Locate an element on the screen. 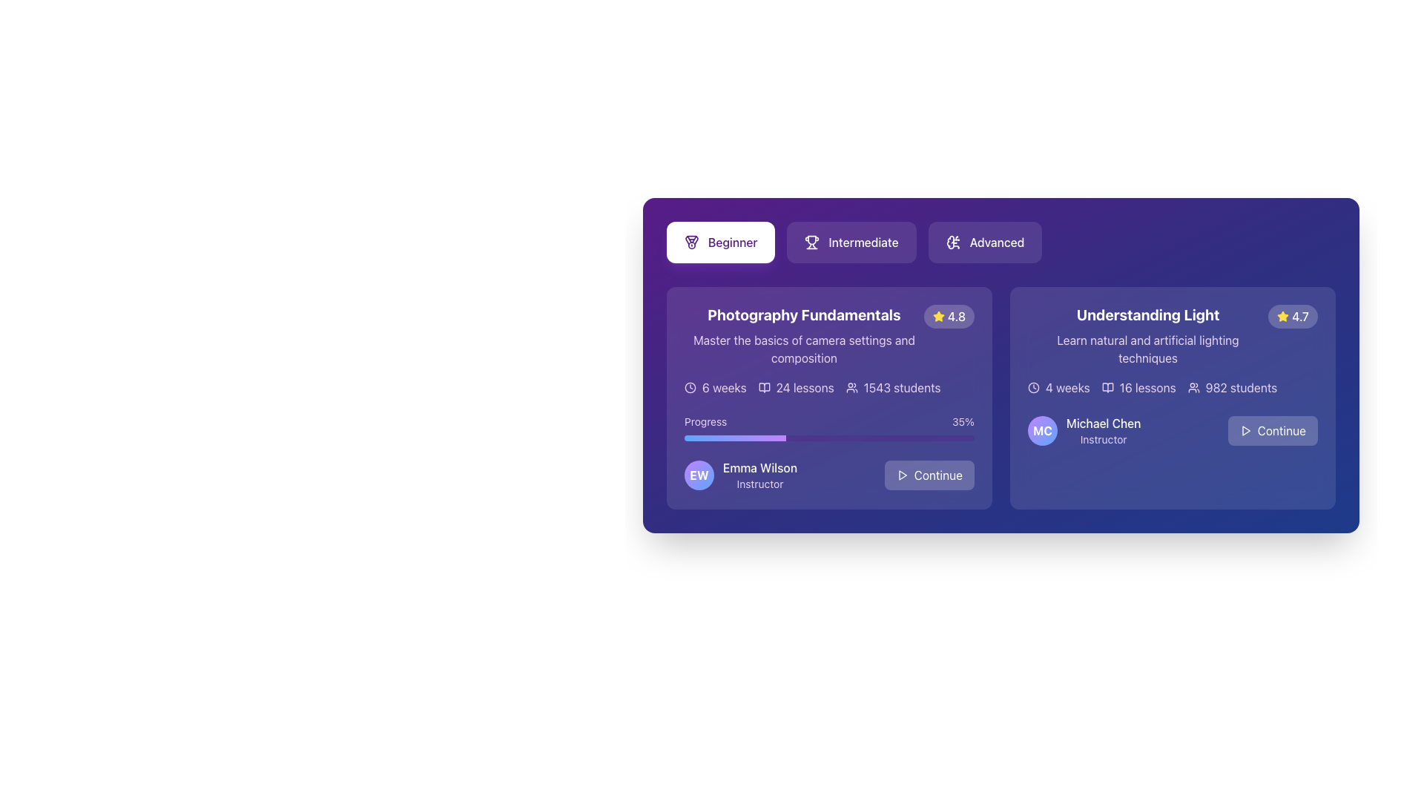 The height and width of the screenshot is (801, 1424). the decorative icon representing the 'Intermediate' category, which is part of a button labeled 'Intermediate' located near the top of the section is located at coordinates (811, 242).